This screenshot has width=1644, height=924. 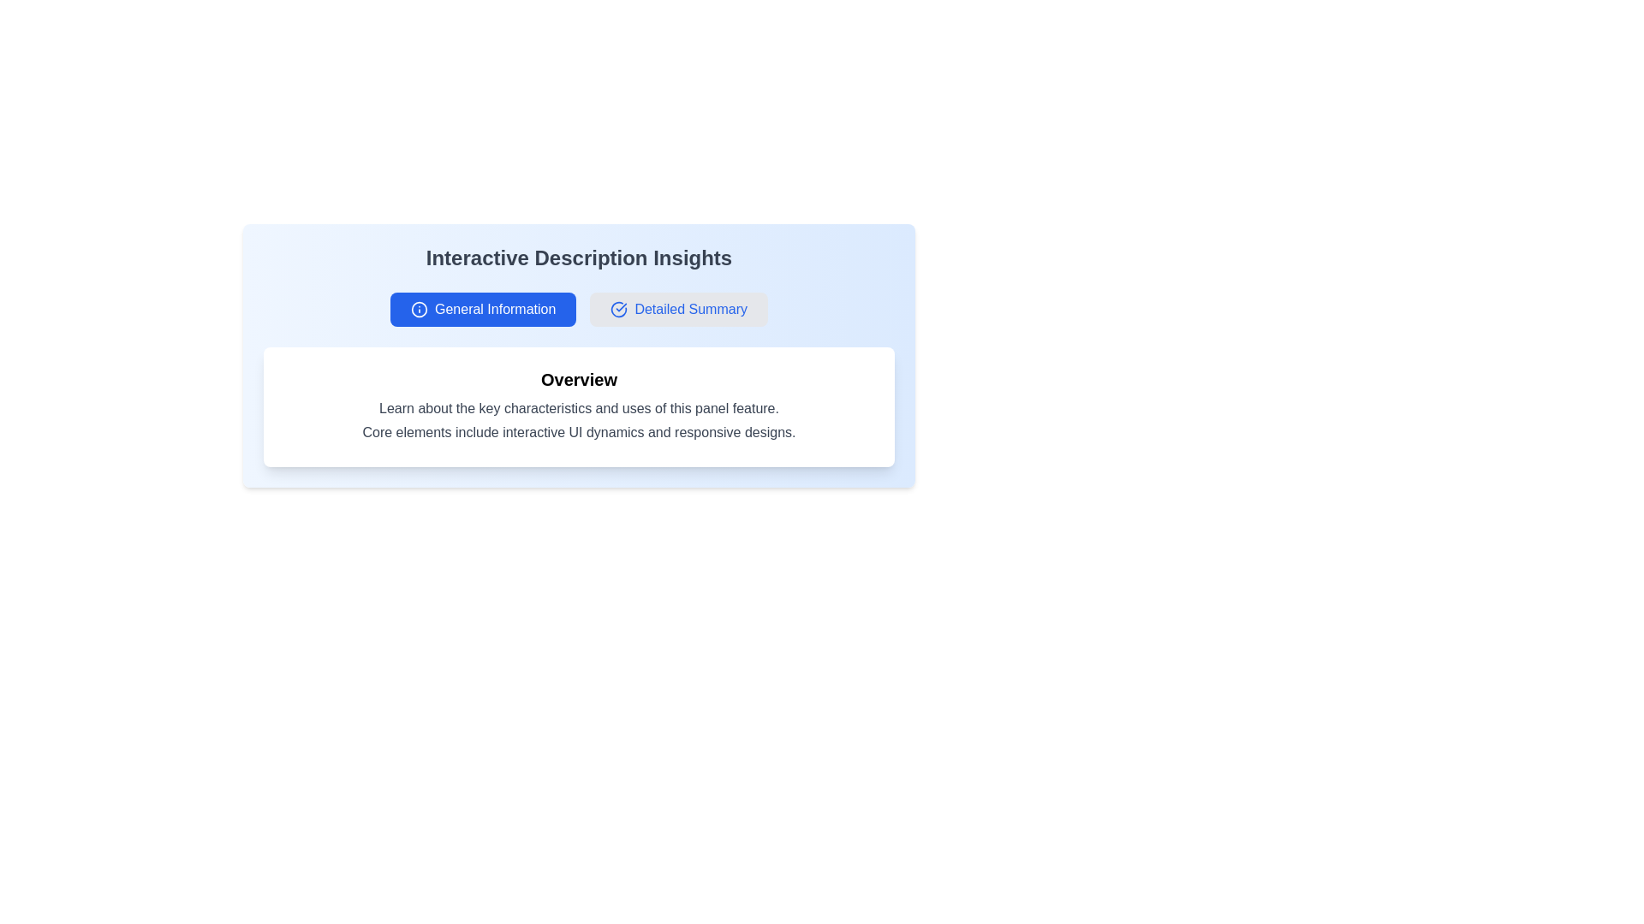 I want to click on the circular icon with a checkmark inside, styled with a flat design and a blue border, located next to the text 'Detailed Summary', so click(x=618, y=310).